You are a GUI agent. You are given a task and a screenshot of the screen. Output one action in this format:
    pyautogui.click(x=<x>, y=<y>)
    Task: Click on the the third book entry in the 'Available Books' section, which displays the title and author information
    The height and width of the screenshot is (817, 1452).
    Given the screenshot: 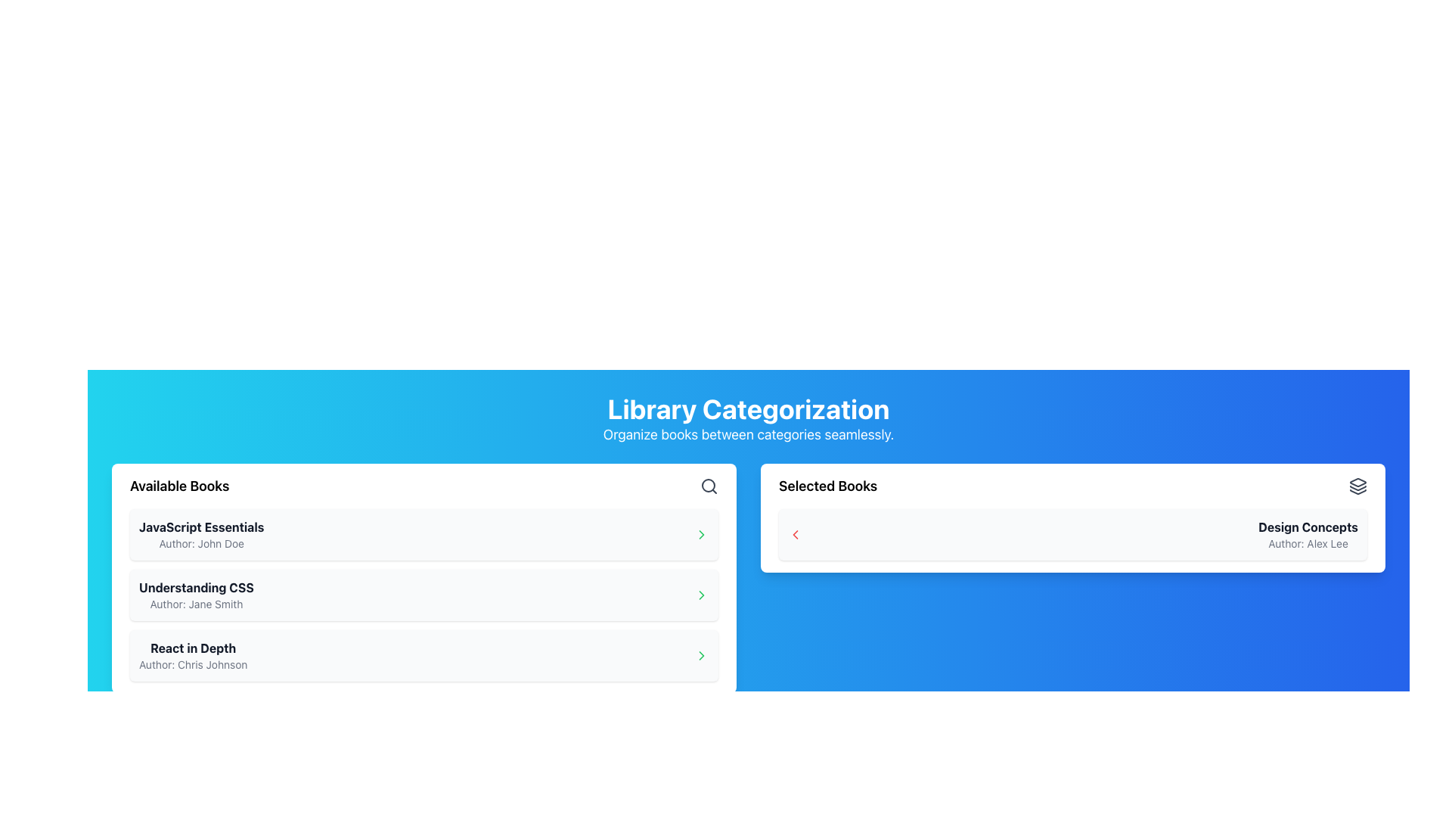 What is the action you would take?
    pyautogui.click(x=192, y=655)
    